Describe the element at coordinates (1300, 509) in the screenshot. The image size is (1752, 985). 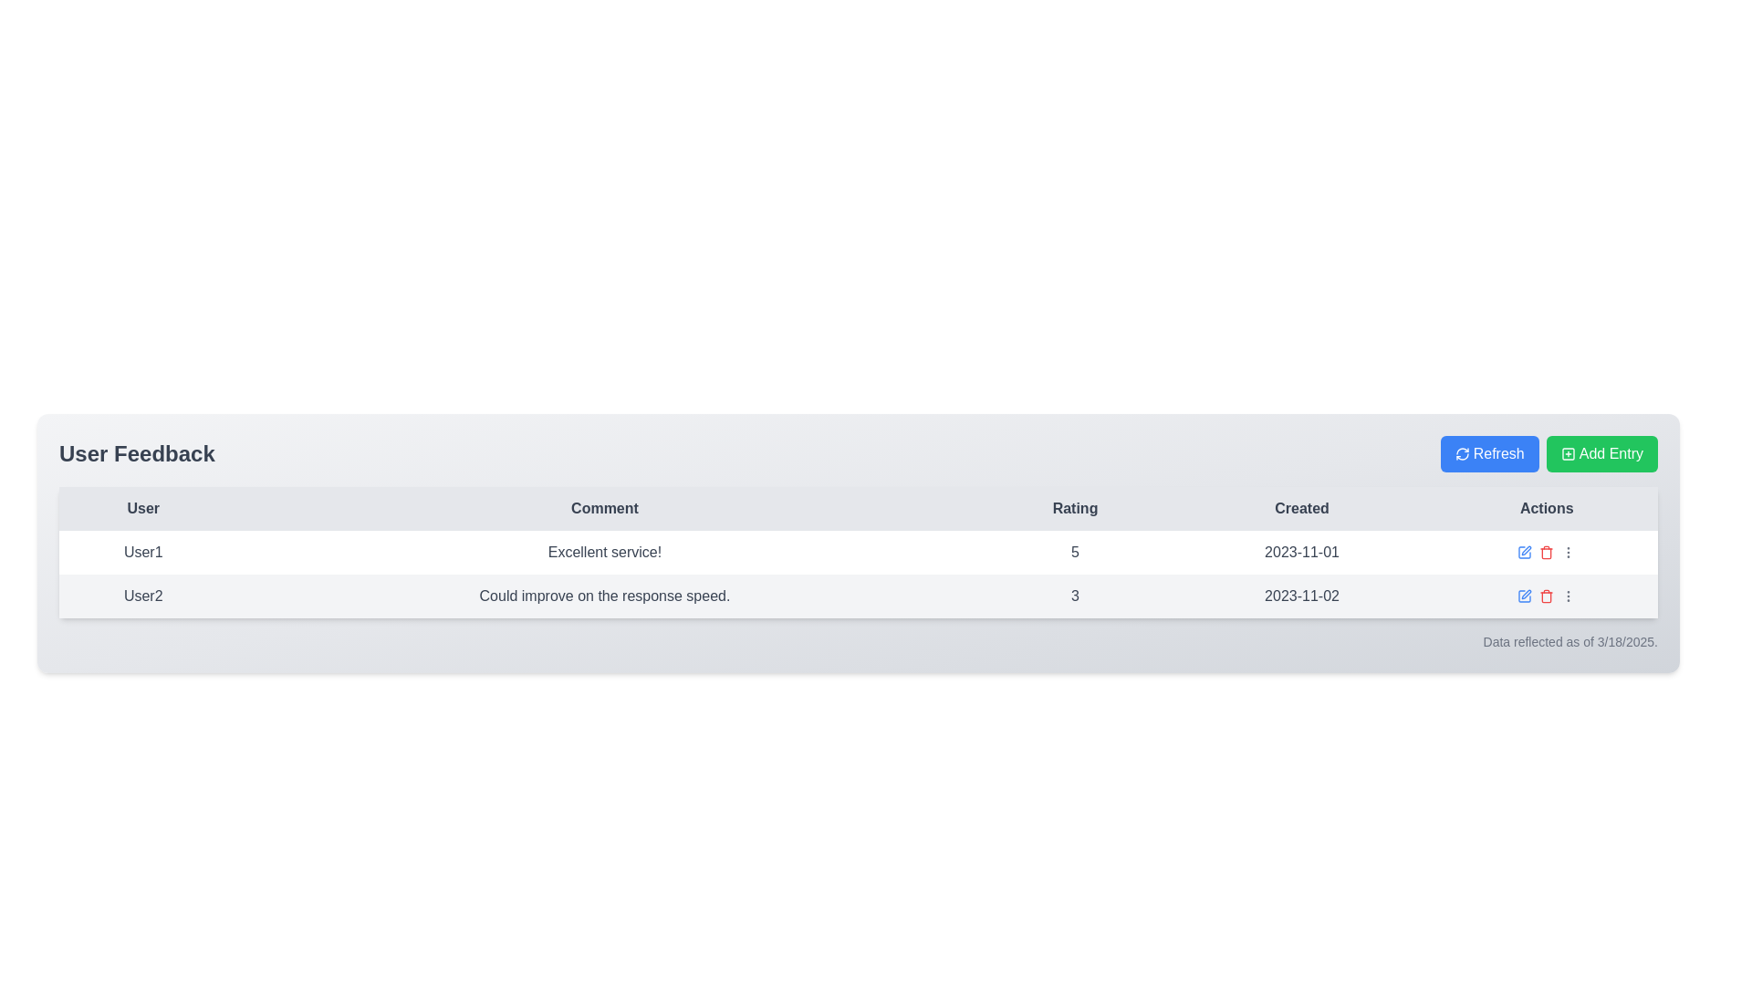
I see `the 'Created' label in the header row of the table, which is the fourth header item located between 'Rating' and 'Actions'` at that location.